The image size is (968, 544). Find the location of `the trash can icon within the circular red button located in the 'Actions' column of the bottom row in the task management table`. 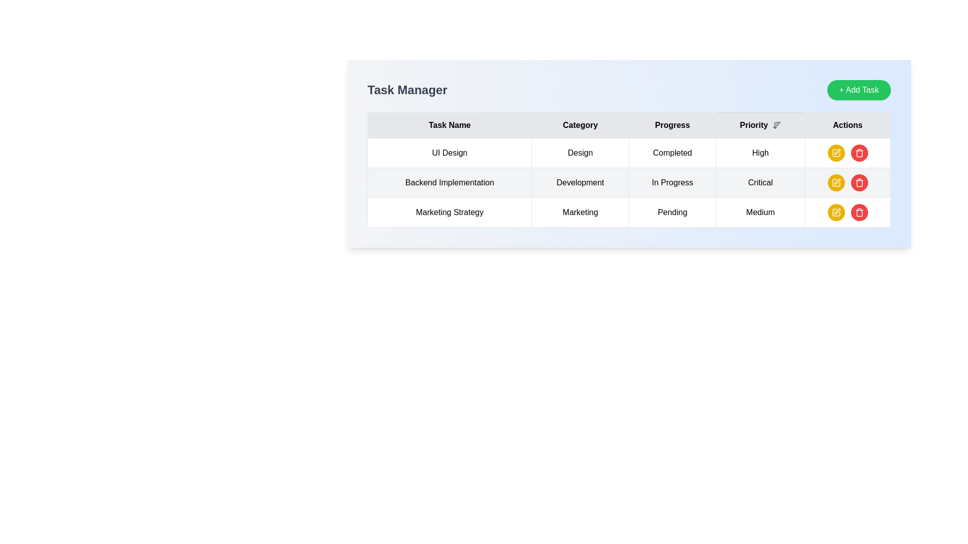

the trash can icon within the circular red button located in the 'Actions' column of the bottom row in the task management table is located at coordinates (859, 212).